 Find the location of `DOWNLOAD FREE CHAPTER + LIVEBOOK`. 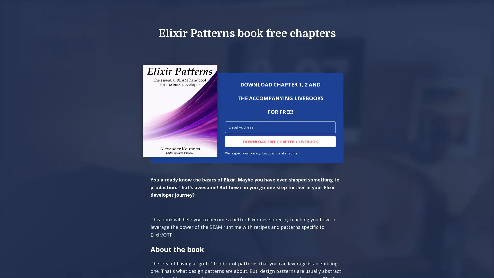

DOWNLOAD FREE CHAPTER + LIVEBOOK is located at coordinates (280, 141).